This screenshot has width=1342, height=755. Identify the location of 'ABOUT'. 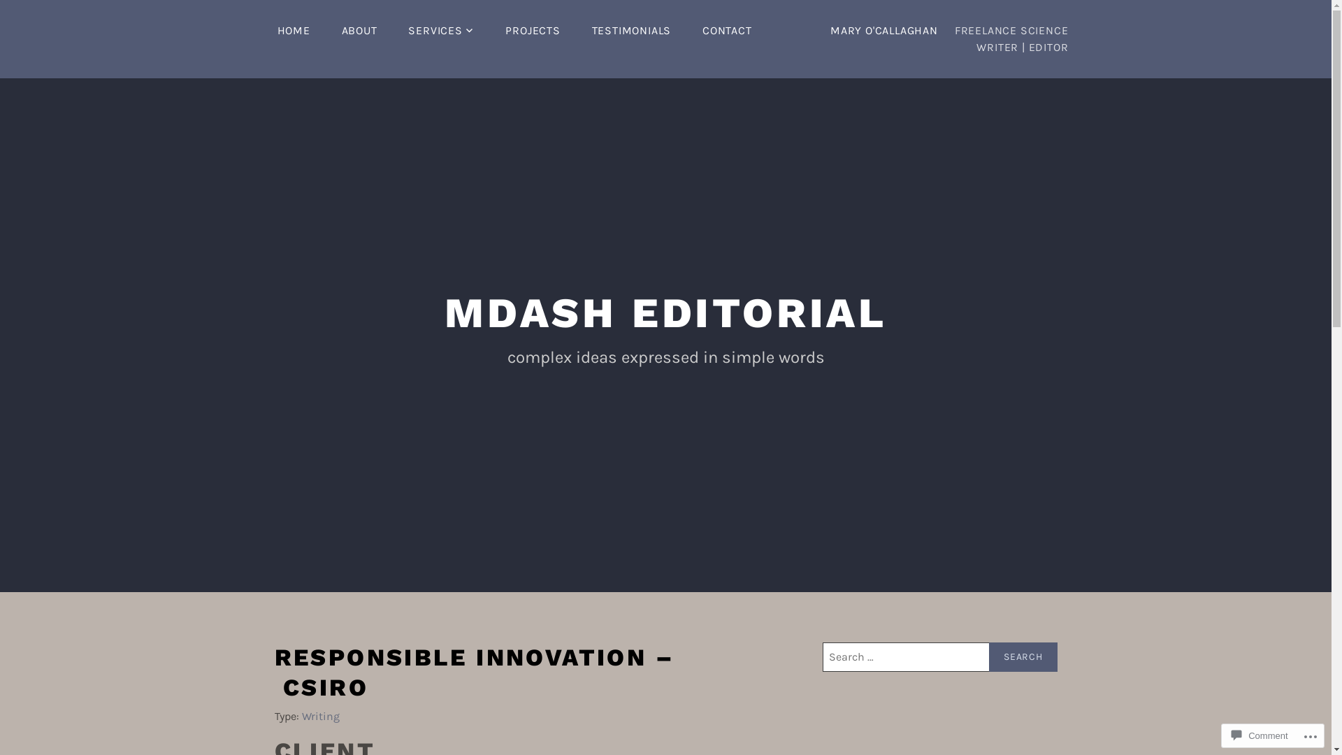
(359, 30).